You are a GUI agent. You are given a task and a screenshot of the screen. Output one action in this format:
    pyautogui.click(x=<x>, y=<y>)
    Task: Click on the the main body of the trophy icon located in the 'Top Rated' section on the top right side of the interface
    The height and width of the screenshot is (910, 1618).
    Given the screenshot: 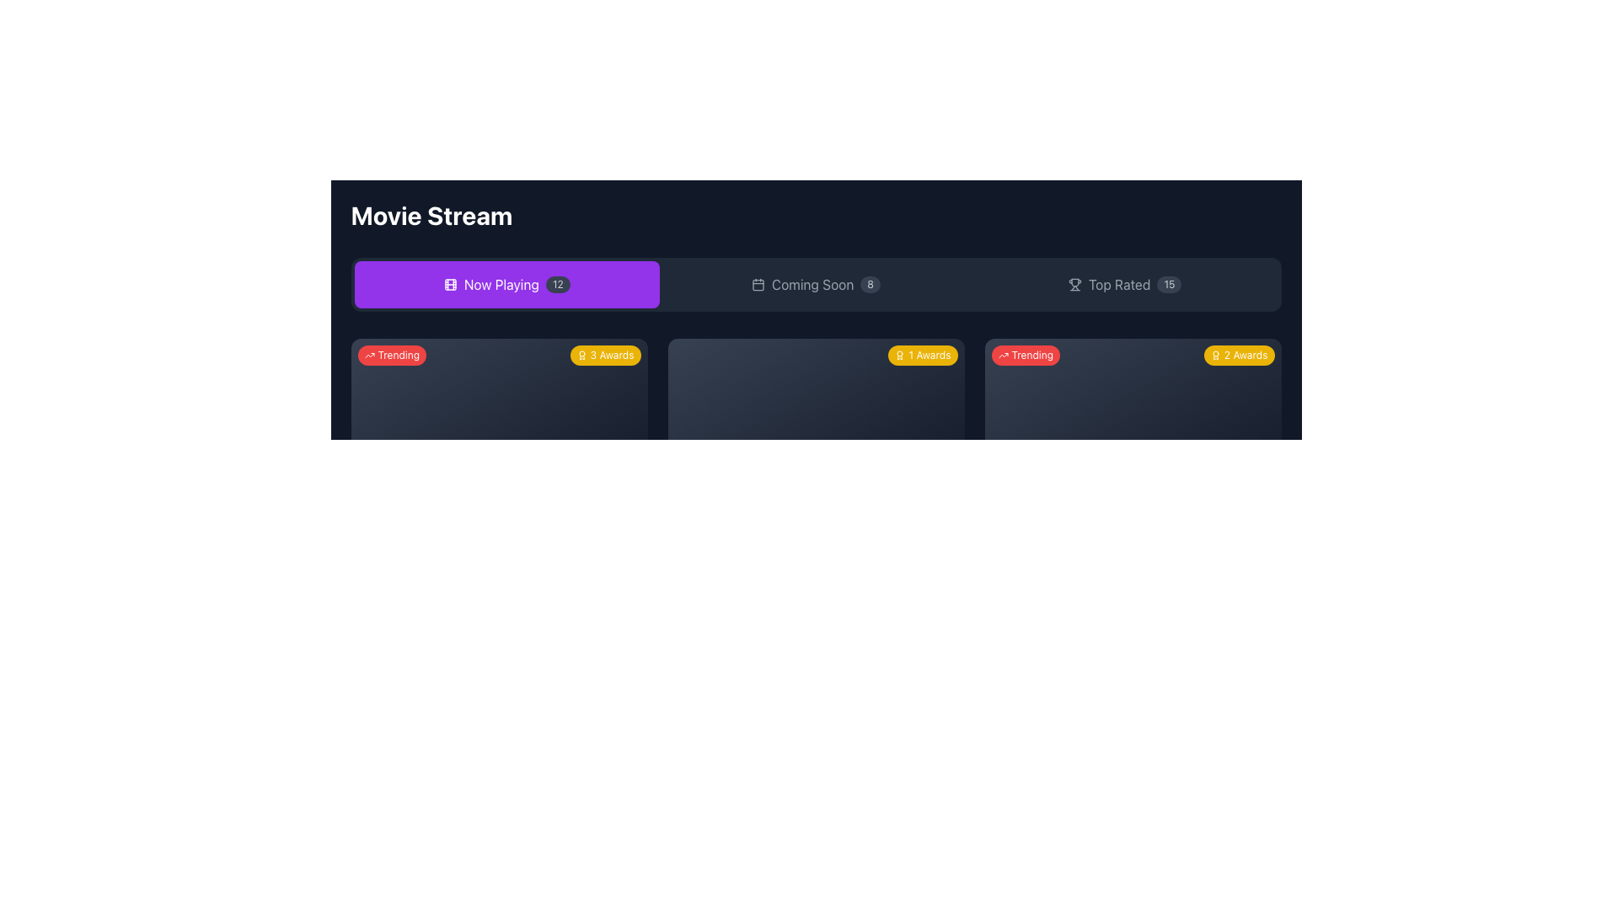 What is the action you would take?
    pyautogui.click(x=1074, y=281)
    